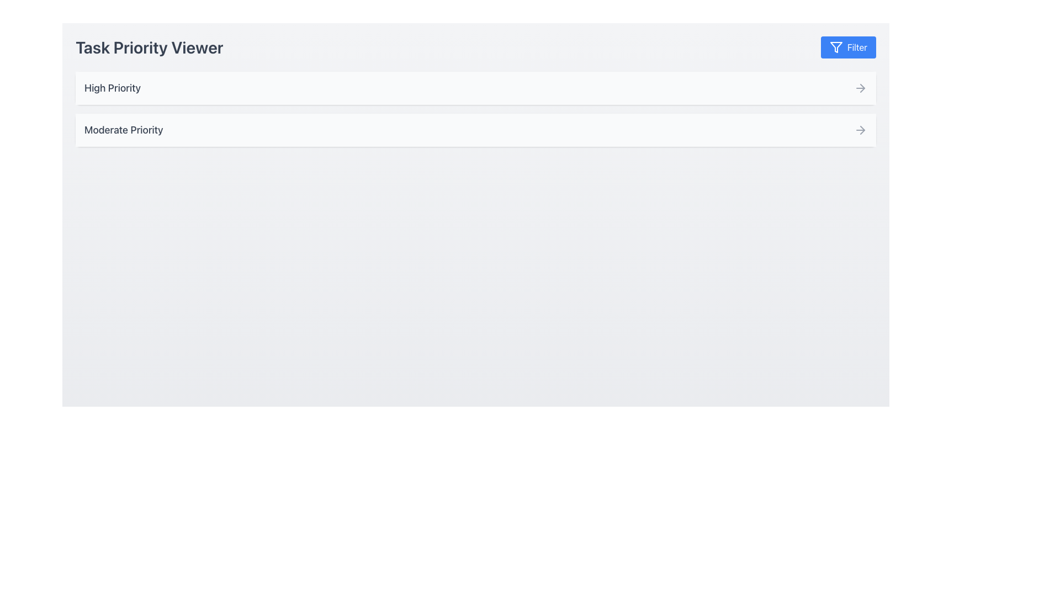  What do you see at coordinates (124, 129) in the screenshot?
I see `the text label indicating a moderate level of urgency, located in the second row of the priority list, below the 'High Priority' item` at bounding box center [124, 129].